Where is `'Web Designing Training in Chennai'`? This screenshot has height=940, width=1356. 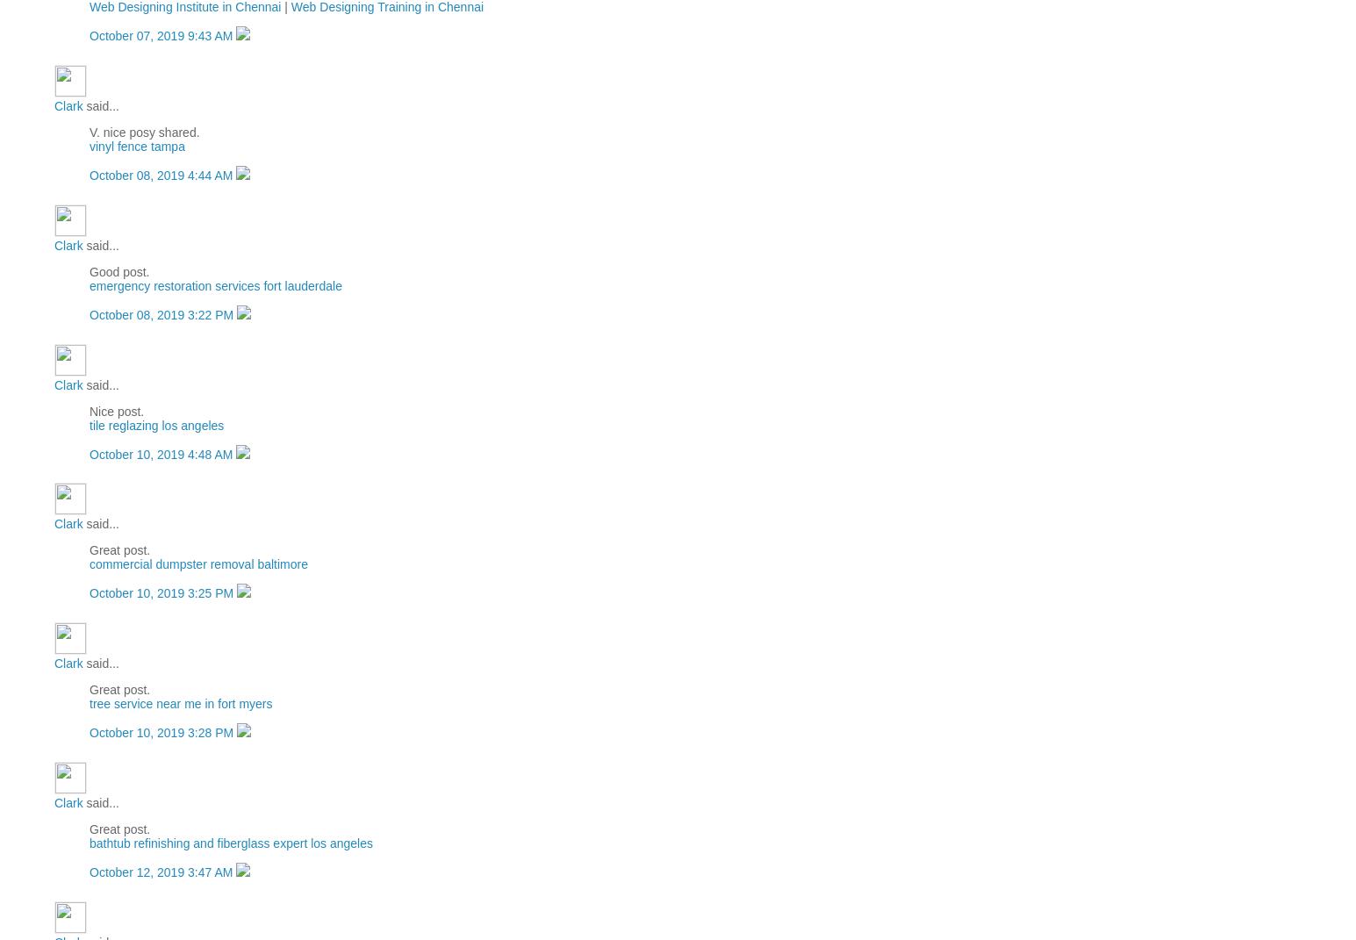 'Web Designing Training in Chennai' is located at coordinates (385, 6).